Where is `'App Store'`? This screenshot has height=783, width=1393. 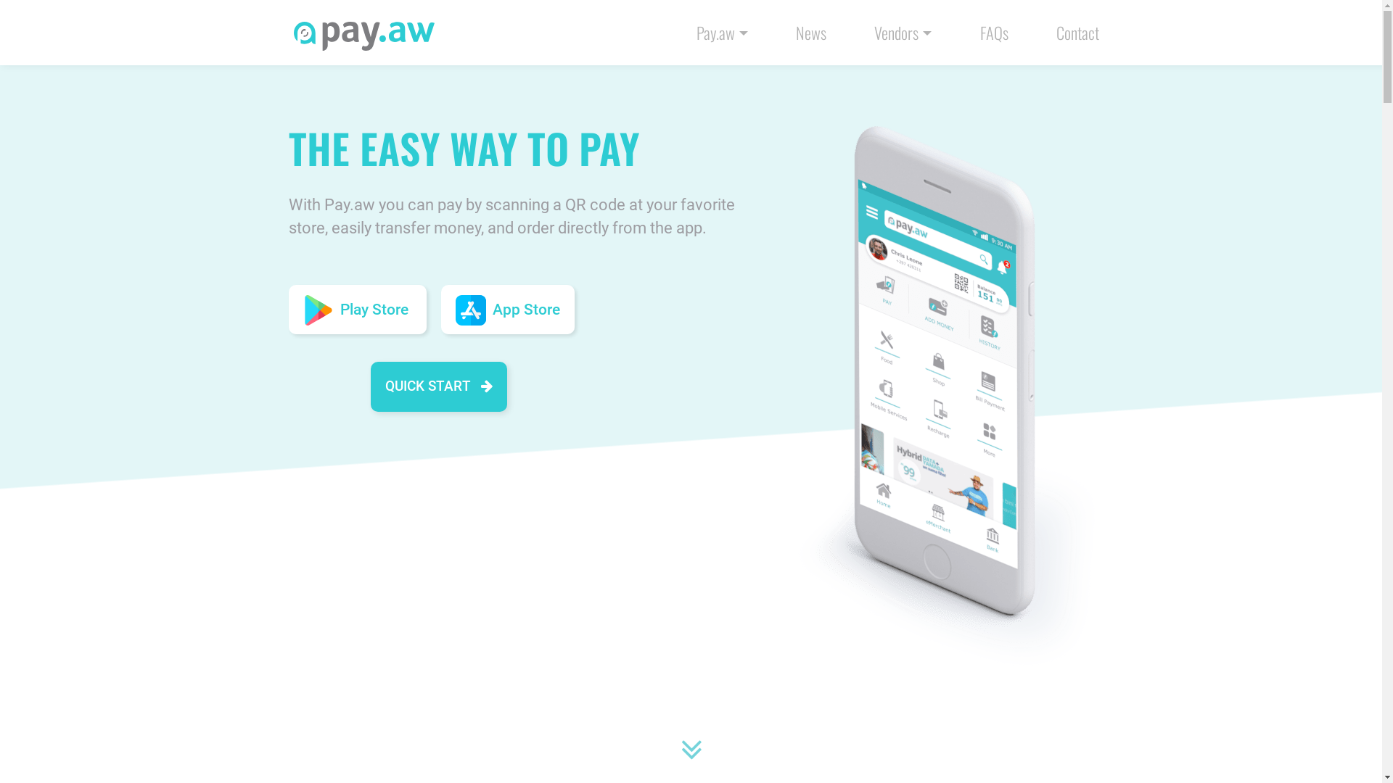 'App Store' is located at coordinates (508, 309).